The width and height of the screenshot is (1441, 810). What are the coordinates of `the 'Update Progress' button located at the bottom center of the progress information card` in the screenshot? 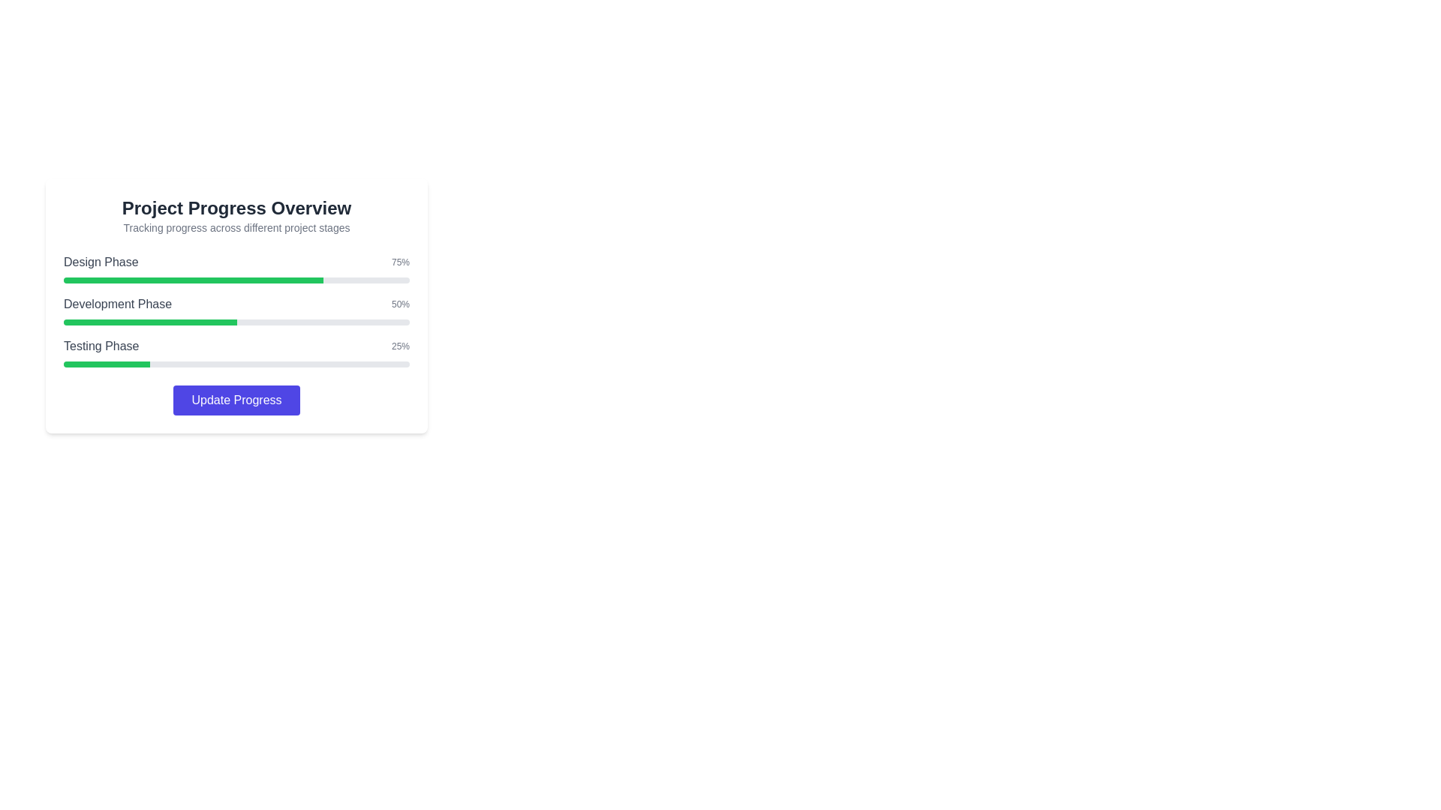 It's located at (236, 399).